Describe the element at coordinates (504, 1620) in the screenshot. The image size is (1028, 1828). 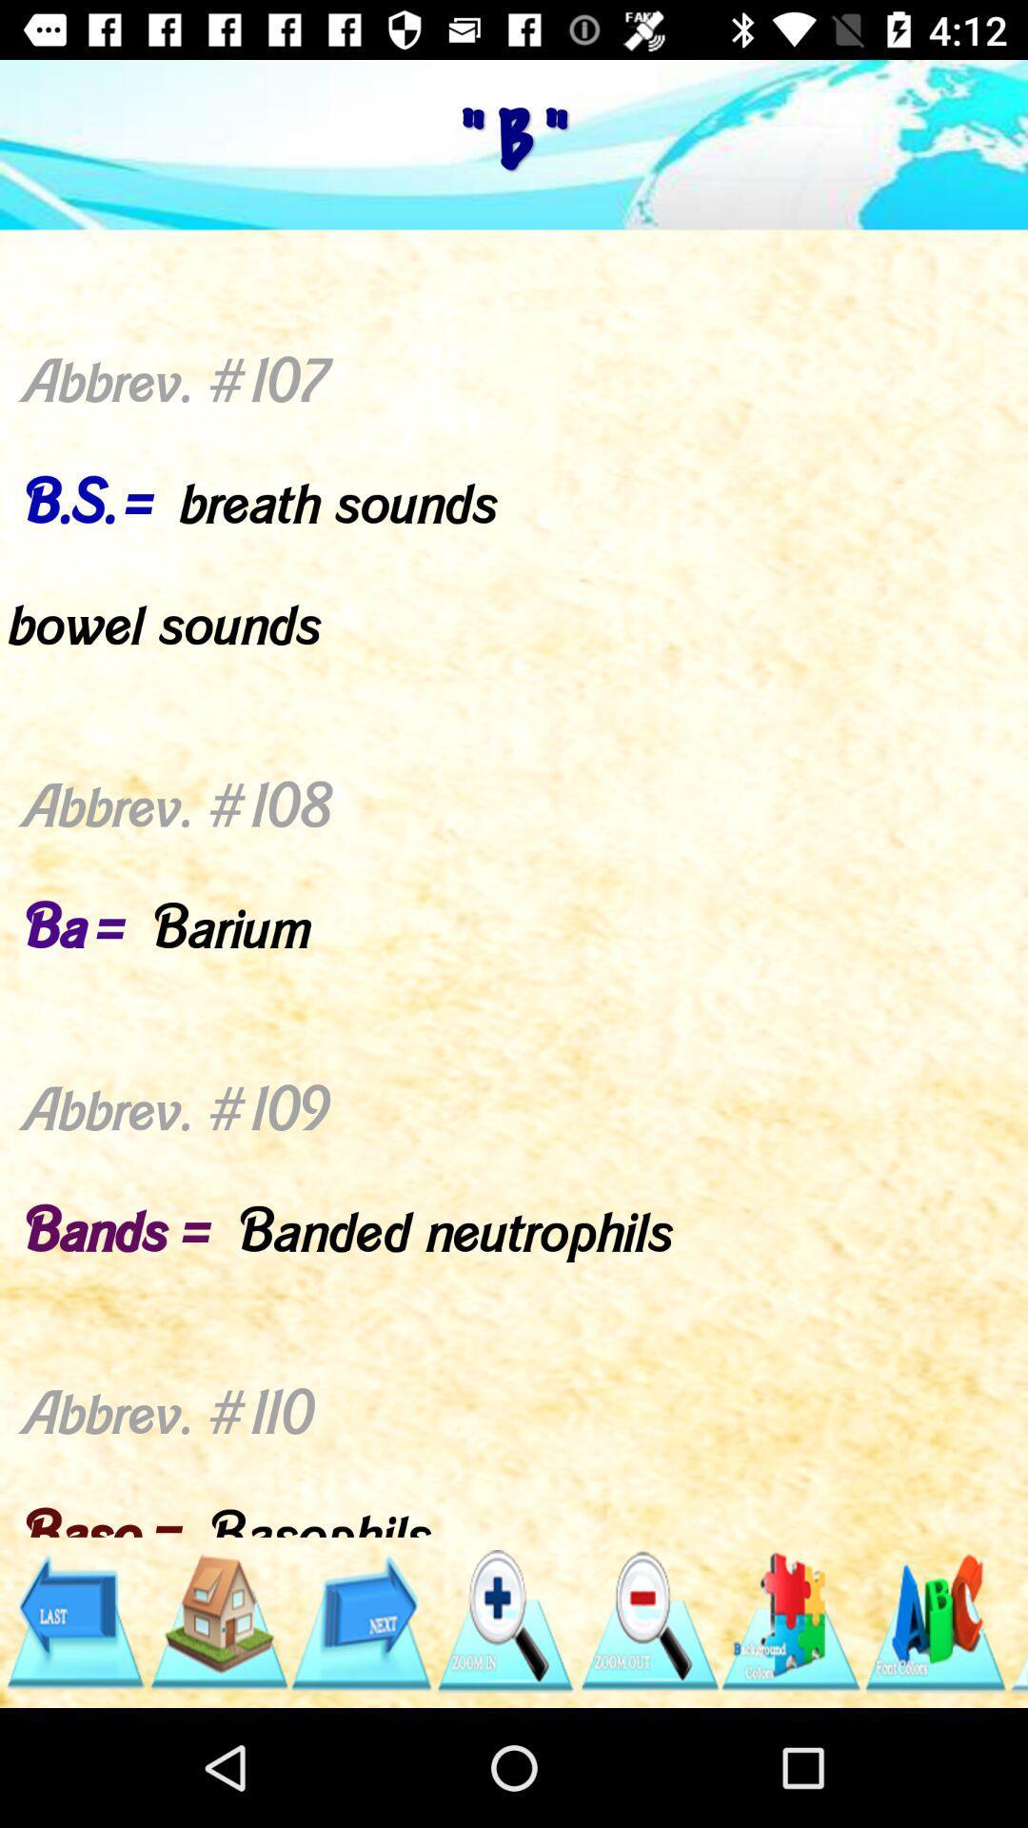
I see `maximize size` at that location.